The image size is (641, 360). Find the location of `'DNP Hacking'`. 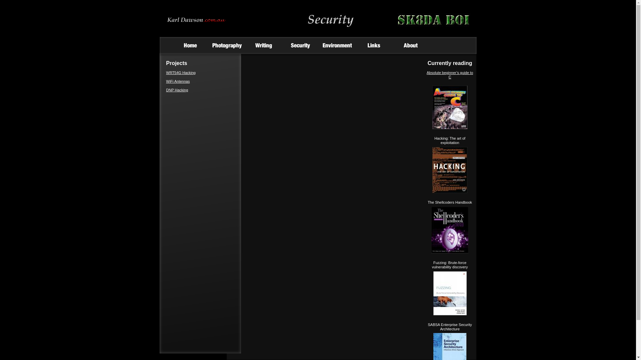

'DNP Hacking' is located at coordinates (177, 90).